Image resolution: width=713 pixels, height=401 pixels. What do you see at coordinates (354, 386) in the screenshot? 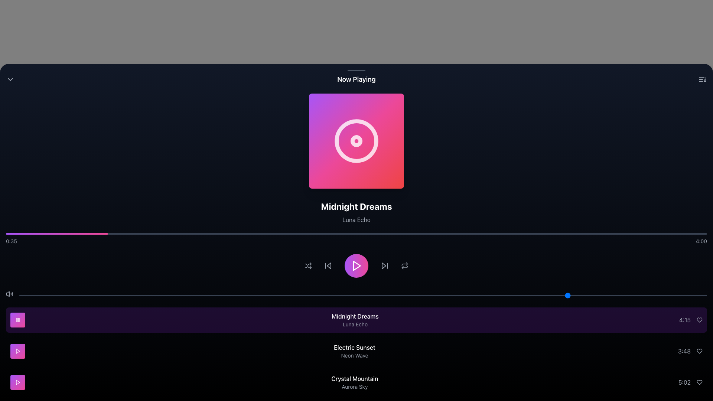
I see `the text label displaying 'Aurora Sky', which is located beneath the title 'Crystal Mountain' in the playlist structure` at bounding box center [354, 386].